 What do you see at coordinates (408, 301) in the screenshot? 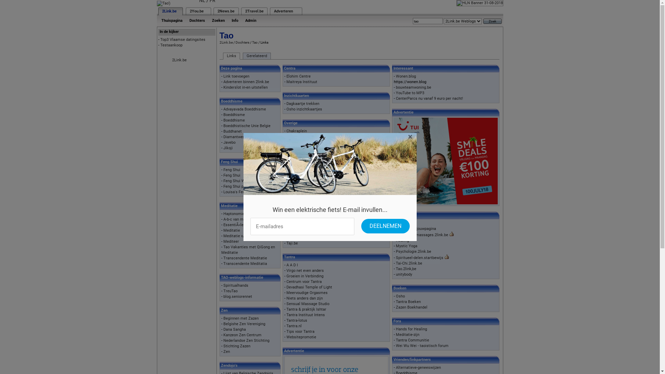
I see `'Tantra Boeken'` at bounding box center [408, 301].